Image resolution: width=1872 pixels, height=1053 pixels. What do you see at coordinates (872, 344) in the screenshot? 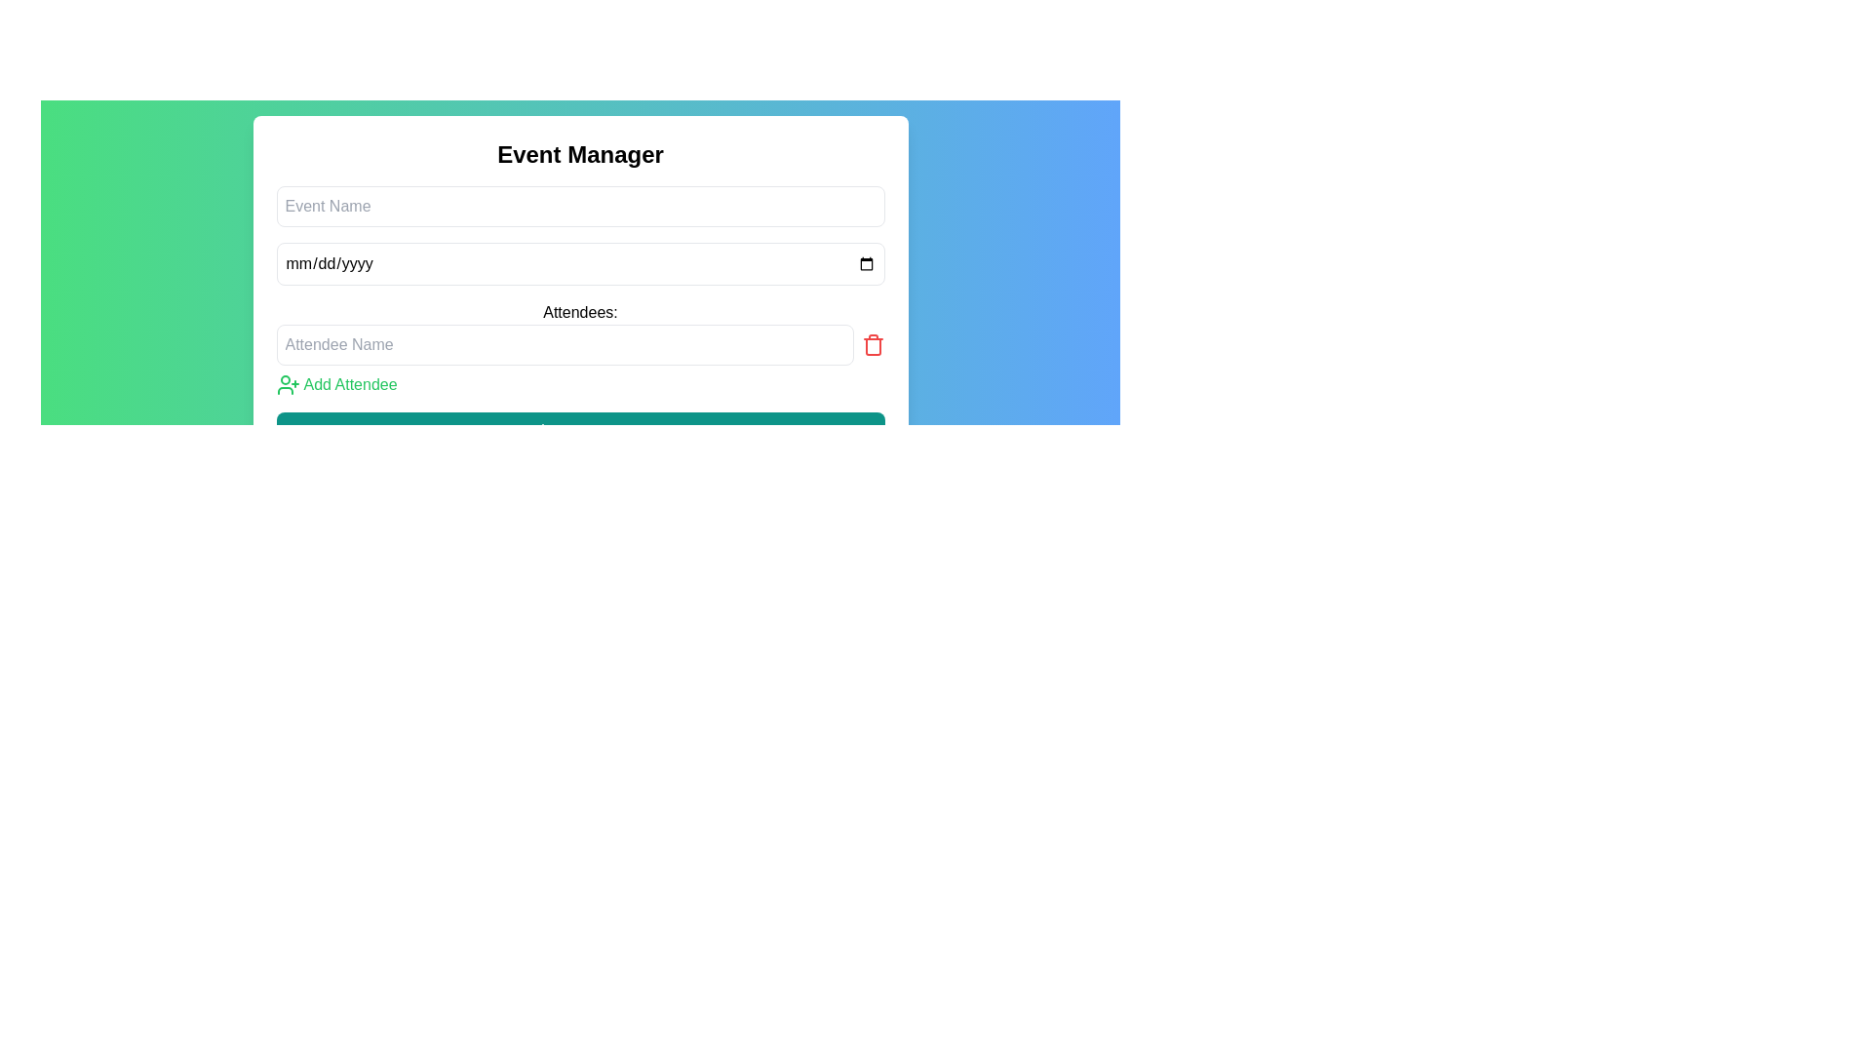
I see `the delete button located on the right-hand side of the attendee name text input field in the 'Attendees' section to initiate deletion` at bounding box center [872, 344].